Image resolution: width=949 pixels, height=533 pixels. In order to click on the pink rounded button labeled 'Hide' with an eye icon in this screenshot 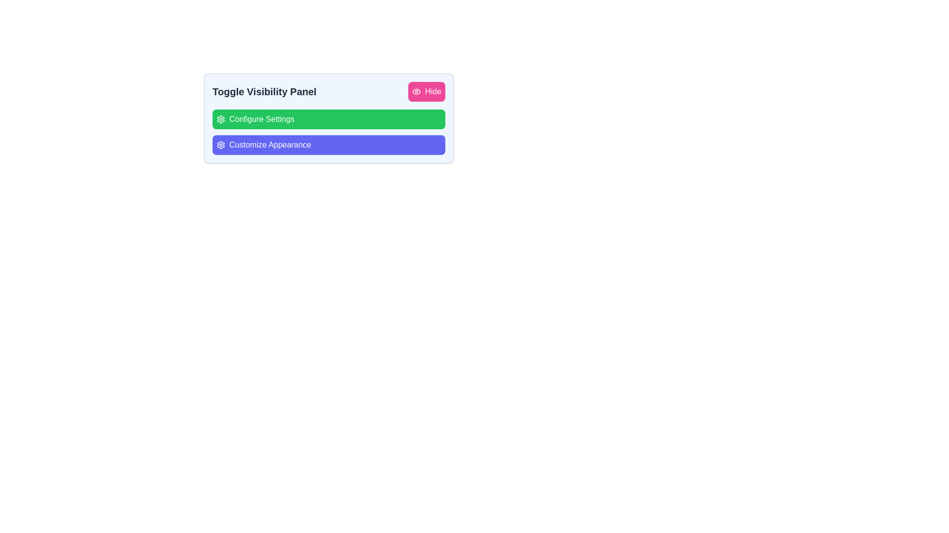, I will do `click(427, 91)`.